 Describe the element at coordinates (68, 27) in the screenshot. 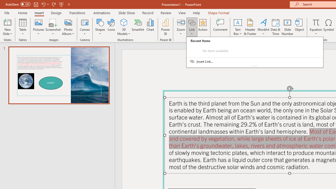

I see `'Photo Album...'` at that location.